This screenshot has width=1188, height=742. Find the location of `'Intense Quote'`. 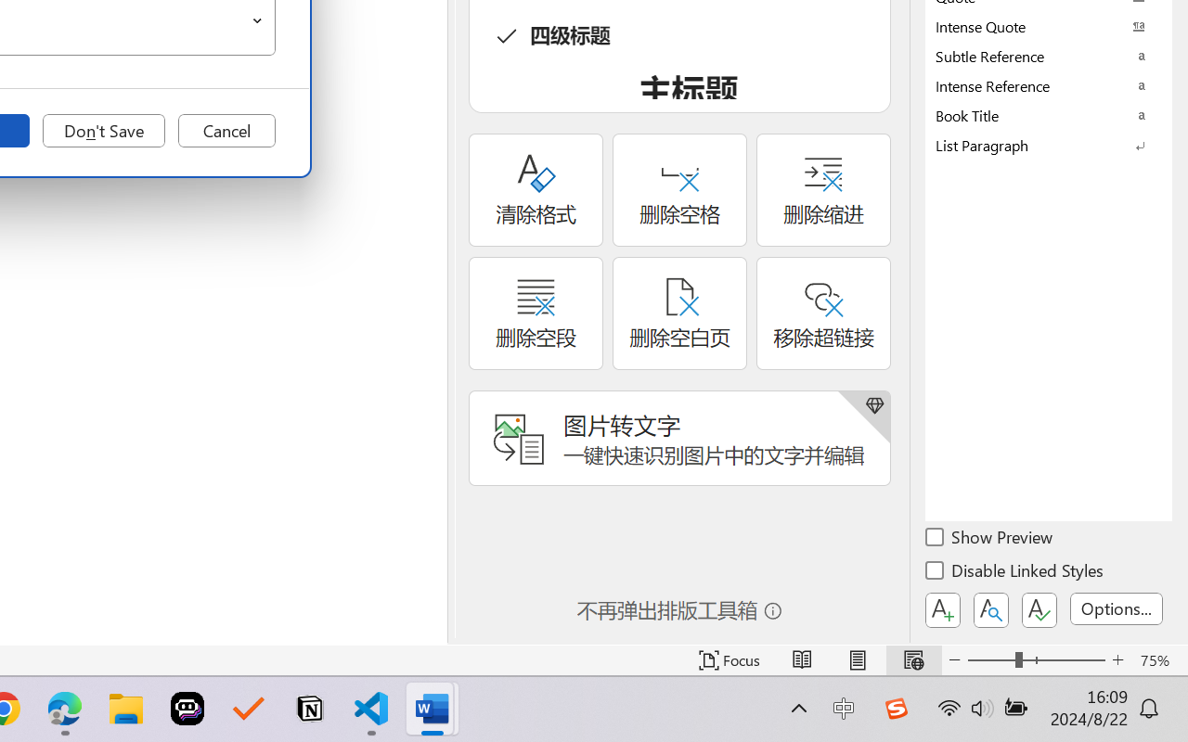

'Intense Quote' is located at coordinates (1049, 26).